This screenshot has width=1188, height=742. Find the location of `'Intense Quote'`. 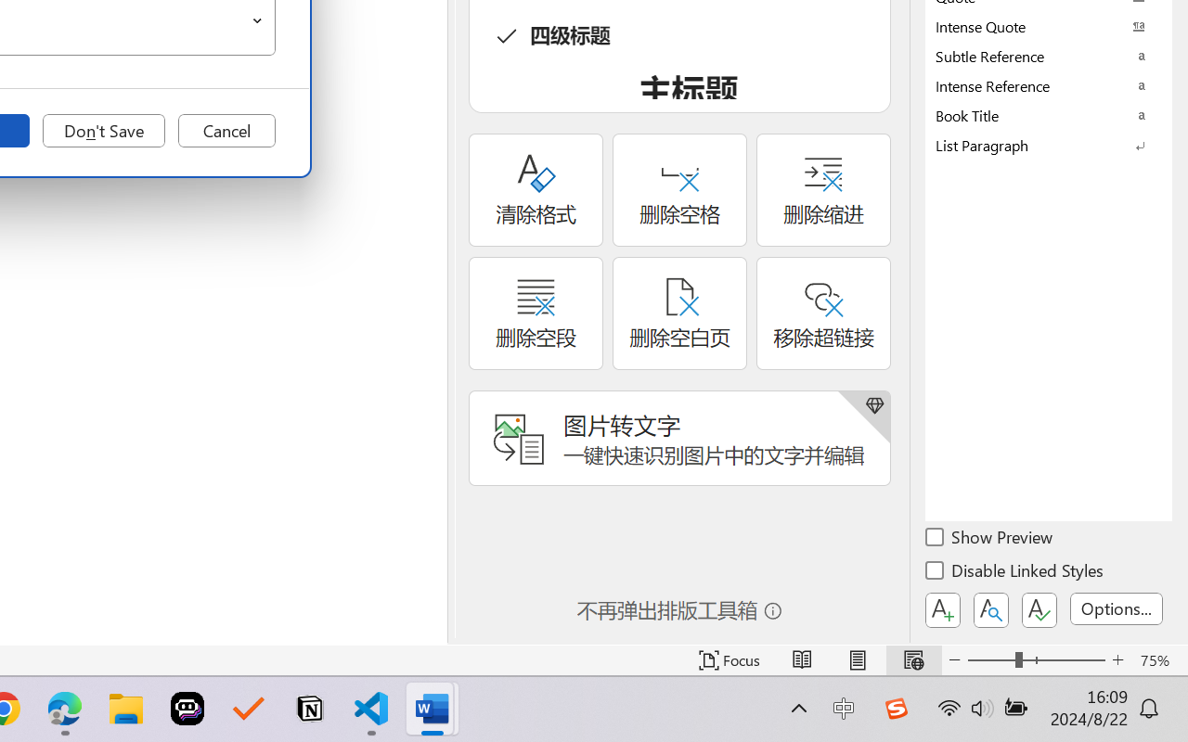

'Intense Quote' is located at coordinates (1049, 26).